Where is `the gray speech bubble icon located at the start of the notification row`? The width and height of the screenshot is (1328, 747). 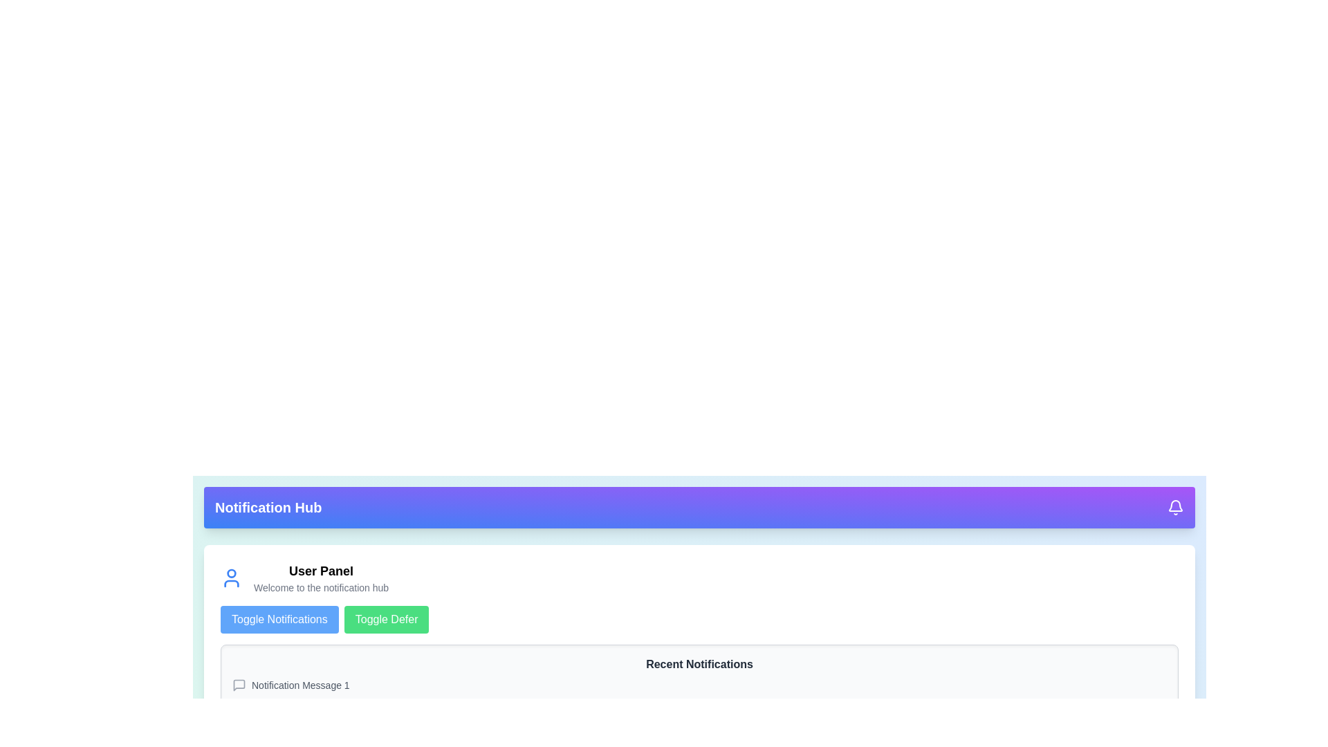
the gray speech bubble icon located at the start of the notification row is located at coordinates (239, 685).